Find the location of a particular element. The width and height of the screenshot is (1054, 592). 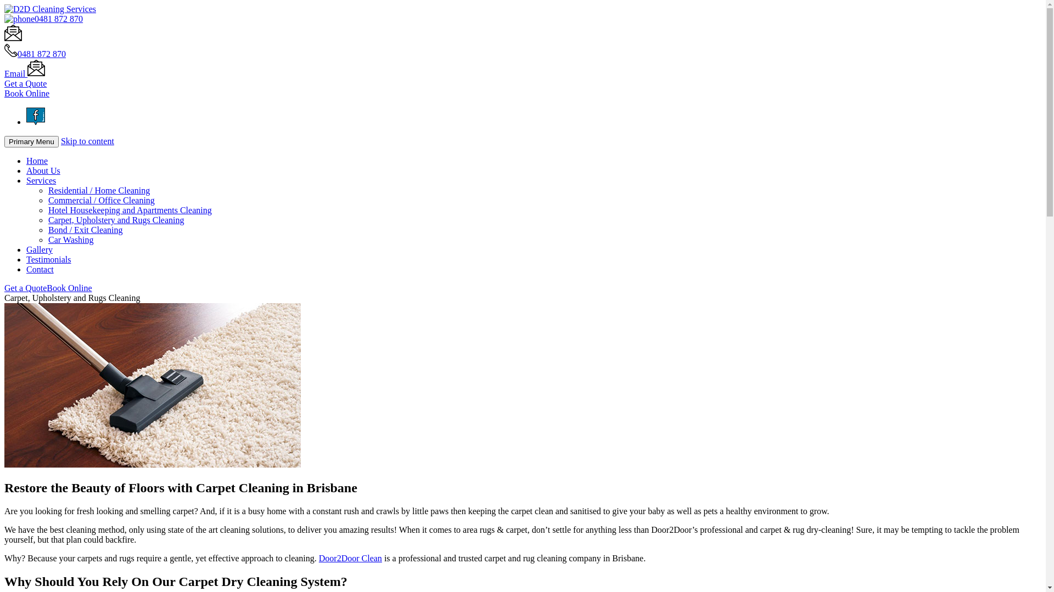

'Car Washing' is located at coordinates (47, 239).